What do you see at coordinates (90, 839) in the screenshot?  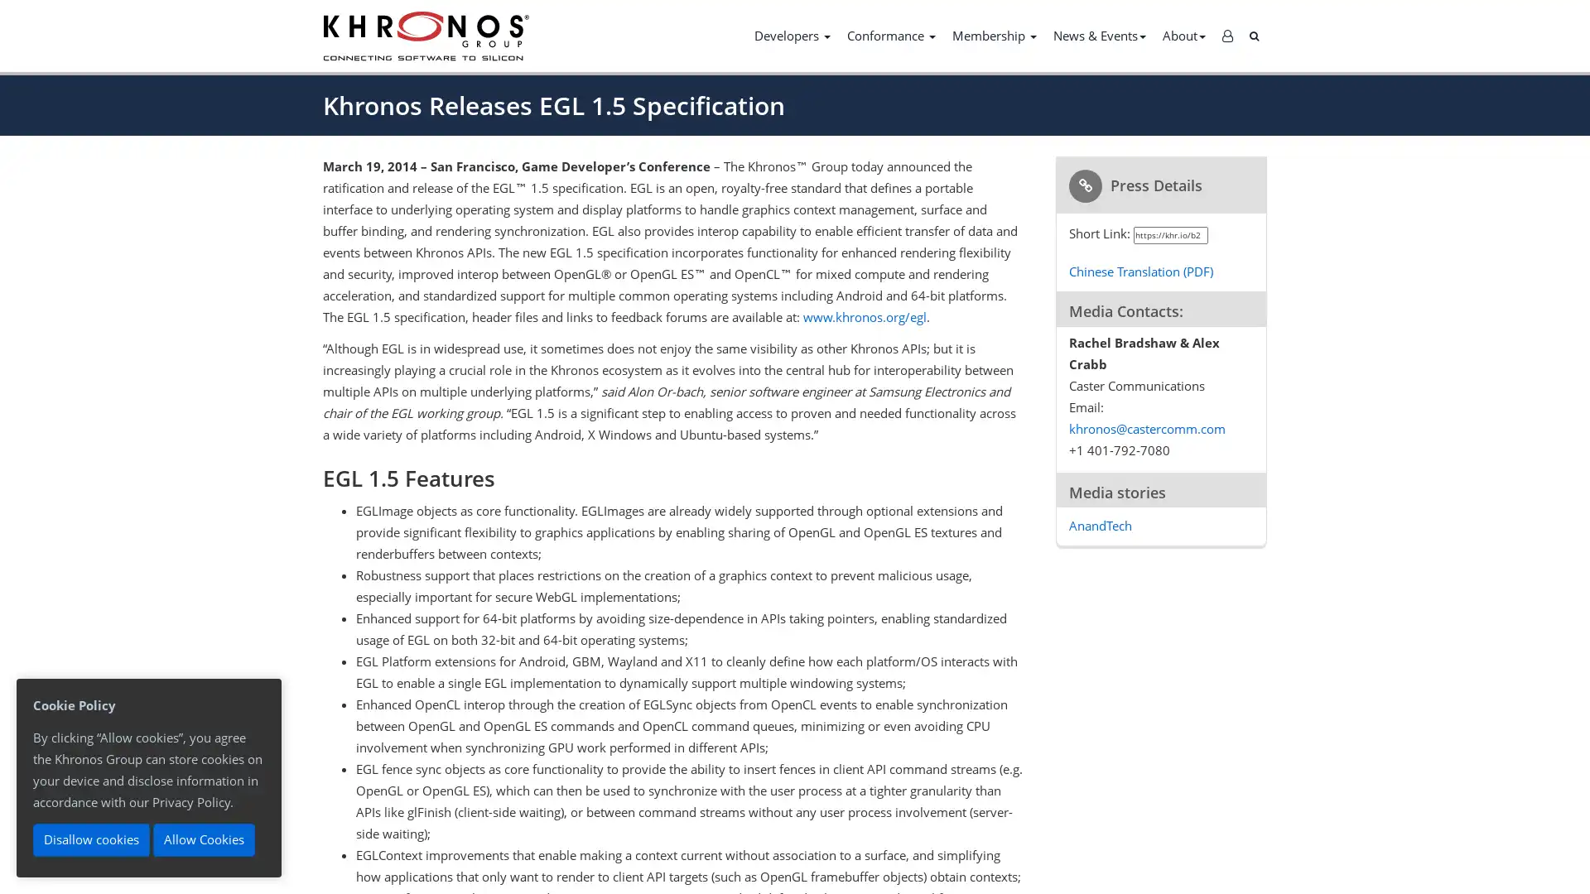 I see `Disallow cookies` at bounding box center [90, 839].